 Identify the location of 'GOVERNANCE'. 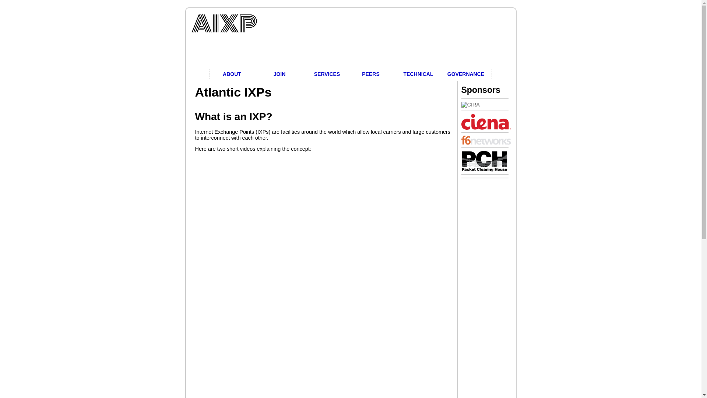
(467, 74).